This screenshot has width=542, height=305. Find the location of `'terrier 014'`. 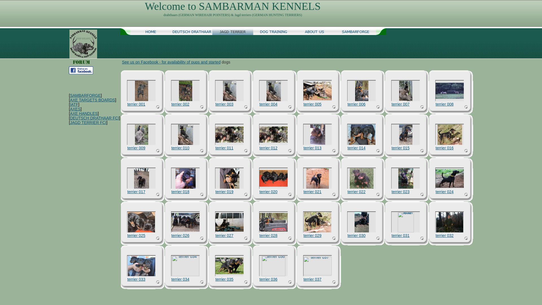

'terrier 014' is located at coordinates (356, 148).